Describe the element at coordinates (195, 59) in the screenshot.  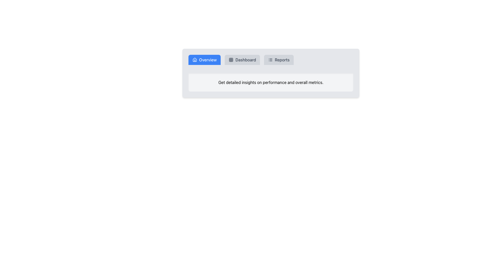
I see `the house icon, which is a minimalist vector graphic with a triangular roof and rectangular base, located centrally in the 'Overview' tab` at that location.